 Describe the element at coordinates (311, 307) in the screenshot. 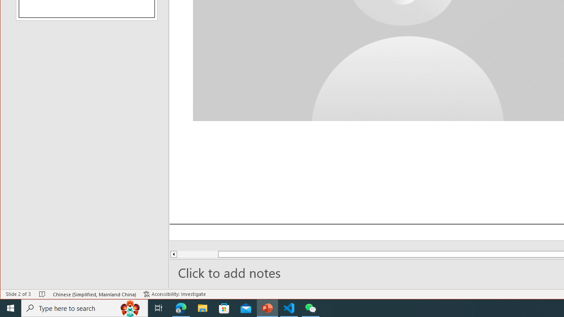

I see `'WeChat - 1 running window'` at that location.